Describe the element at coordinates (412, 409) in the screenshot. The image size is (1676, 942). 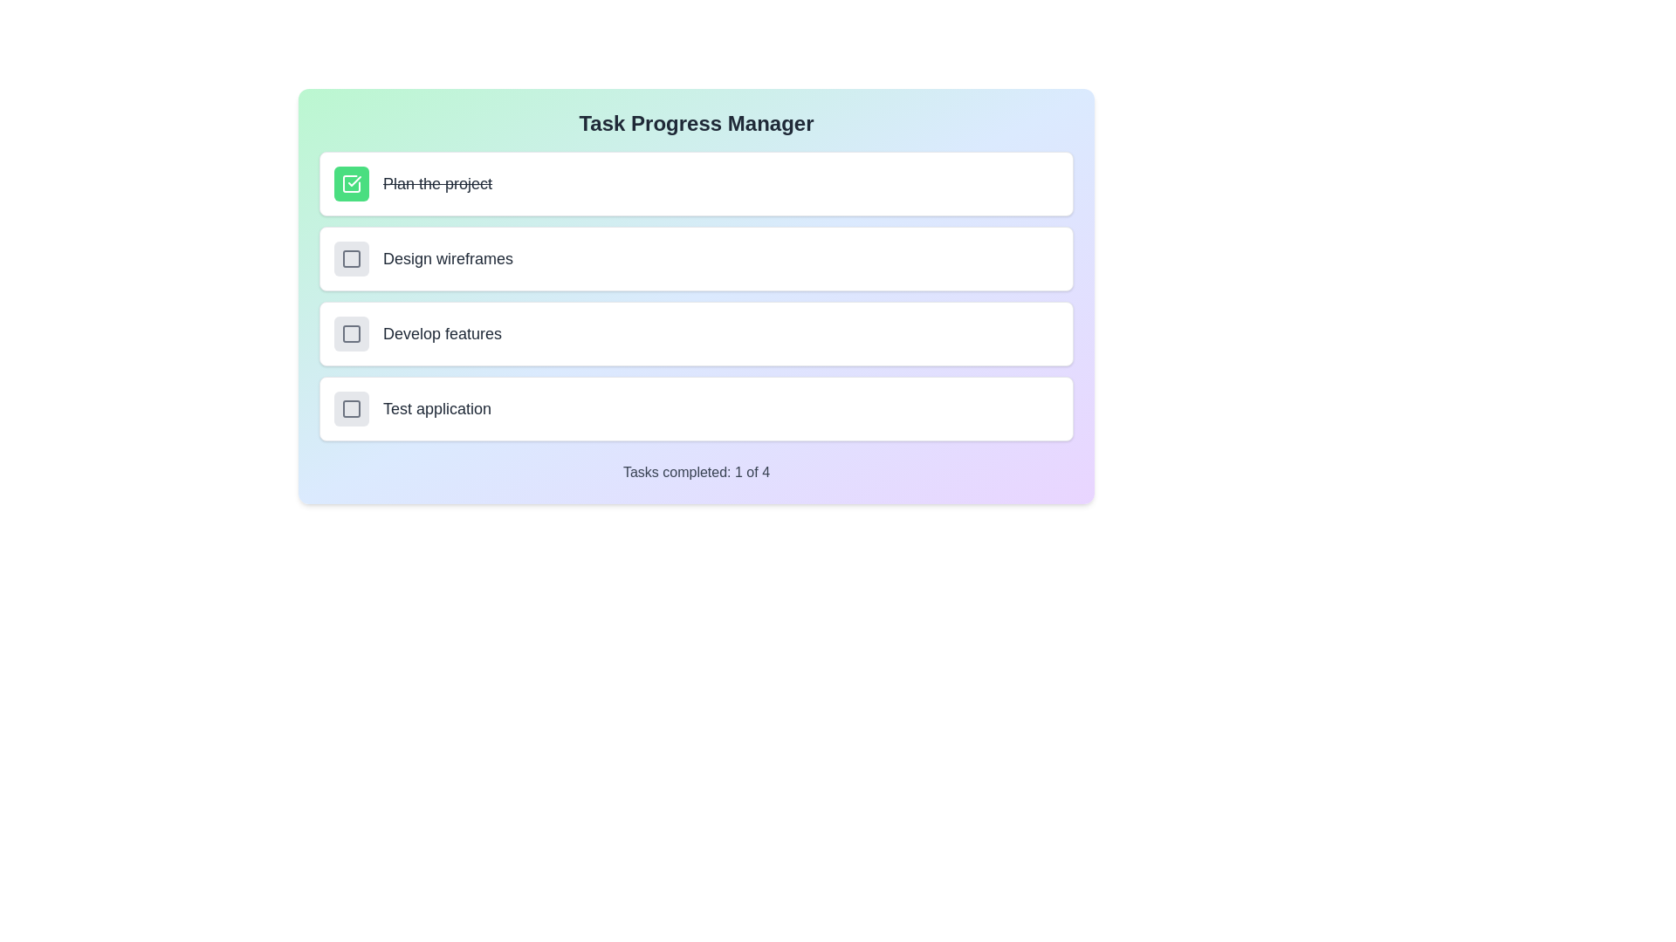
I see `the text label of the last task item in the task manager interface` at that location.